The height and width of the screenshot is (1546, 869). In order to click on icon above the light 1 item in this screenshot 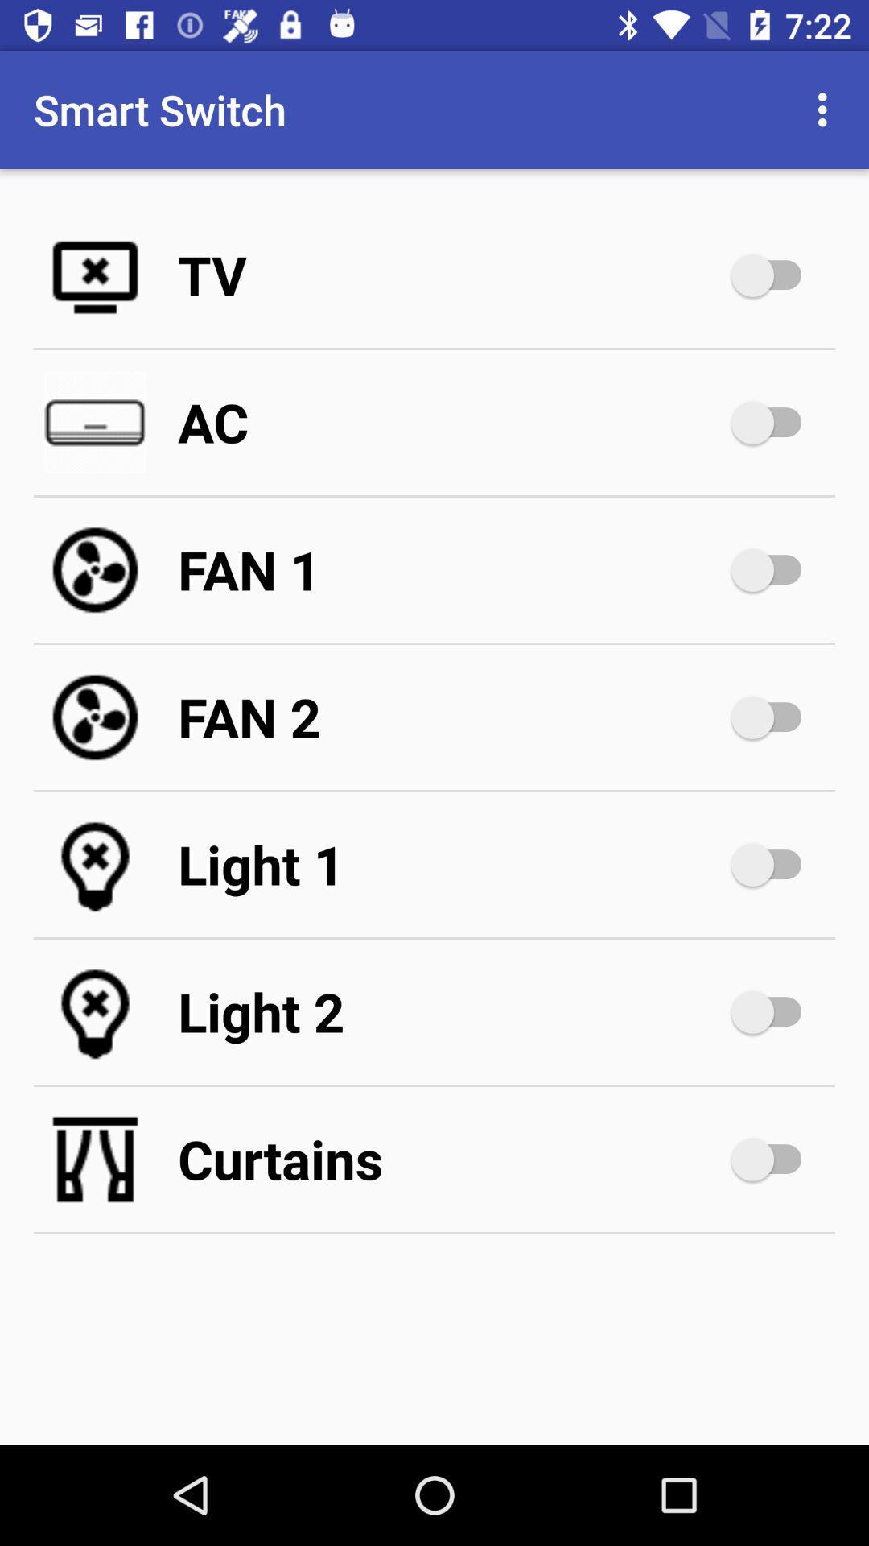, I will do `click(451, 717)`.